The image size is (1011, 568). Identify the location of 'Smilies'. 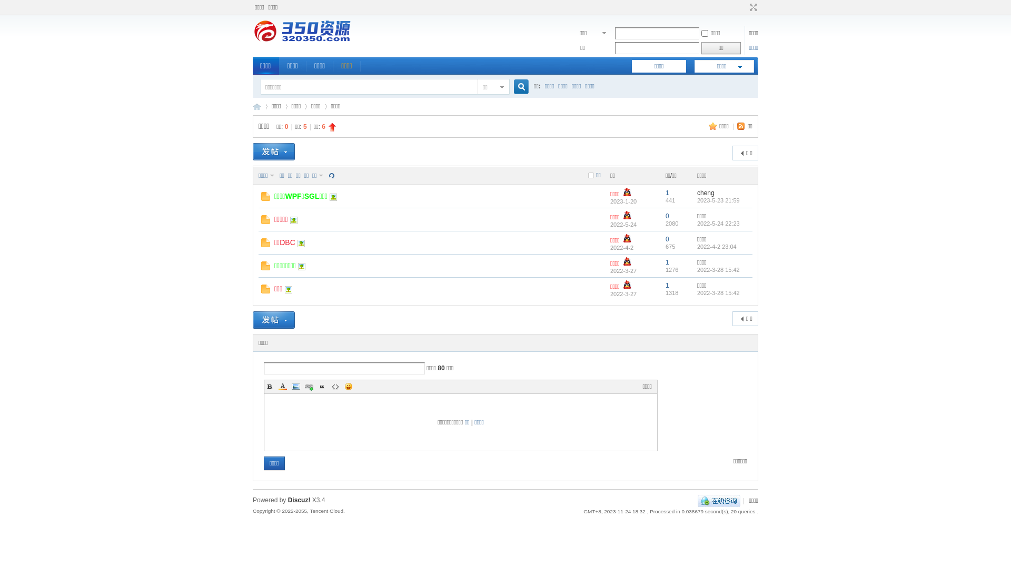
(349, 387).